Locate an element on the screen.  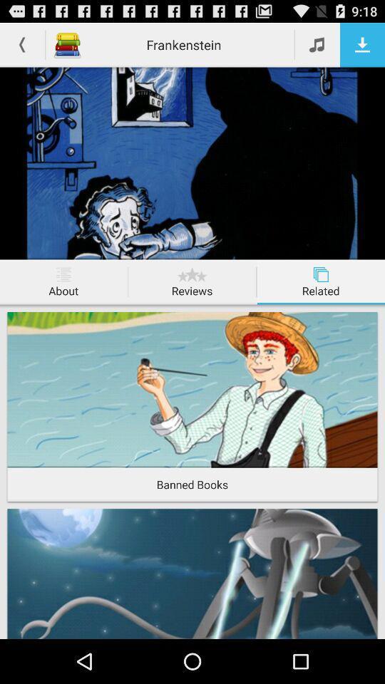
listen to music is located at coordinates (317, 44).